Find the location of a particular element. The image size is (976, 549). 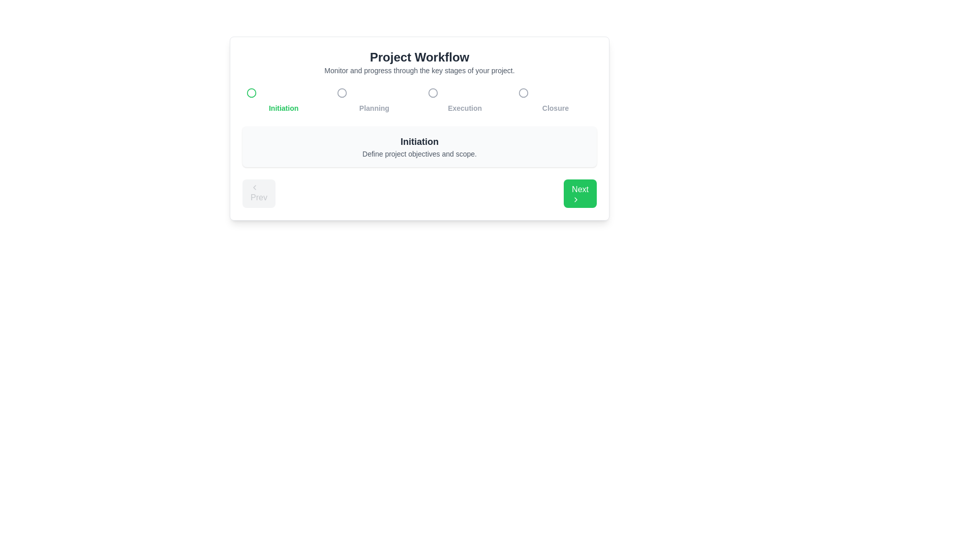

the milestone titled Closure by clicking on its title is located at coordinates (555, 99).